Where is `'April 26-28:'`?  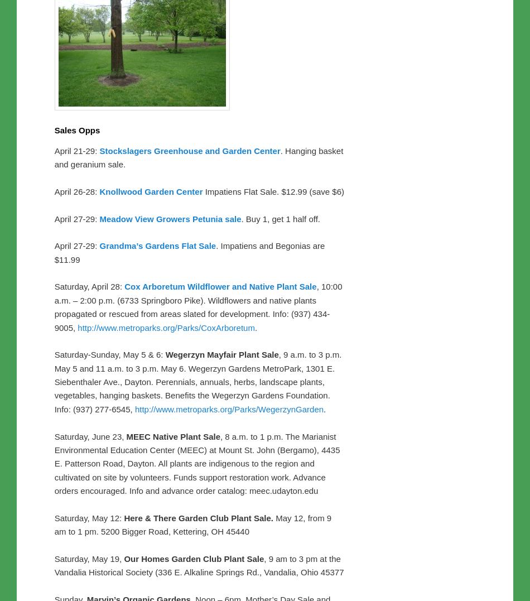 'April 26-28:' is located at coordinates (76, 190).